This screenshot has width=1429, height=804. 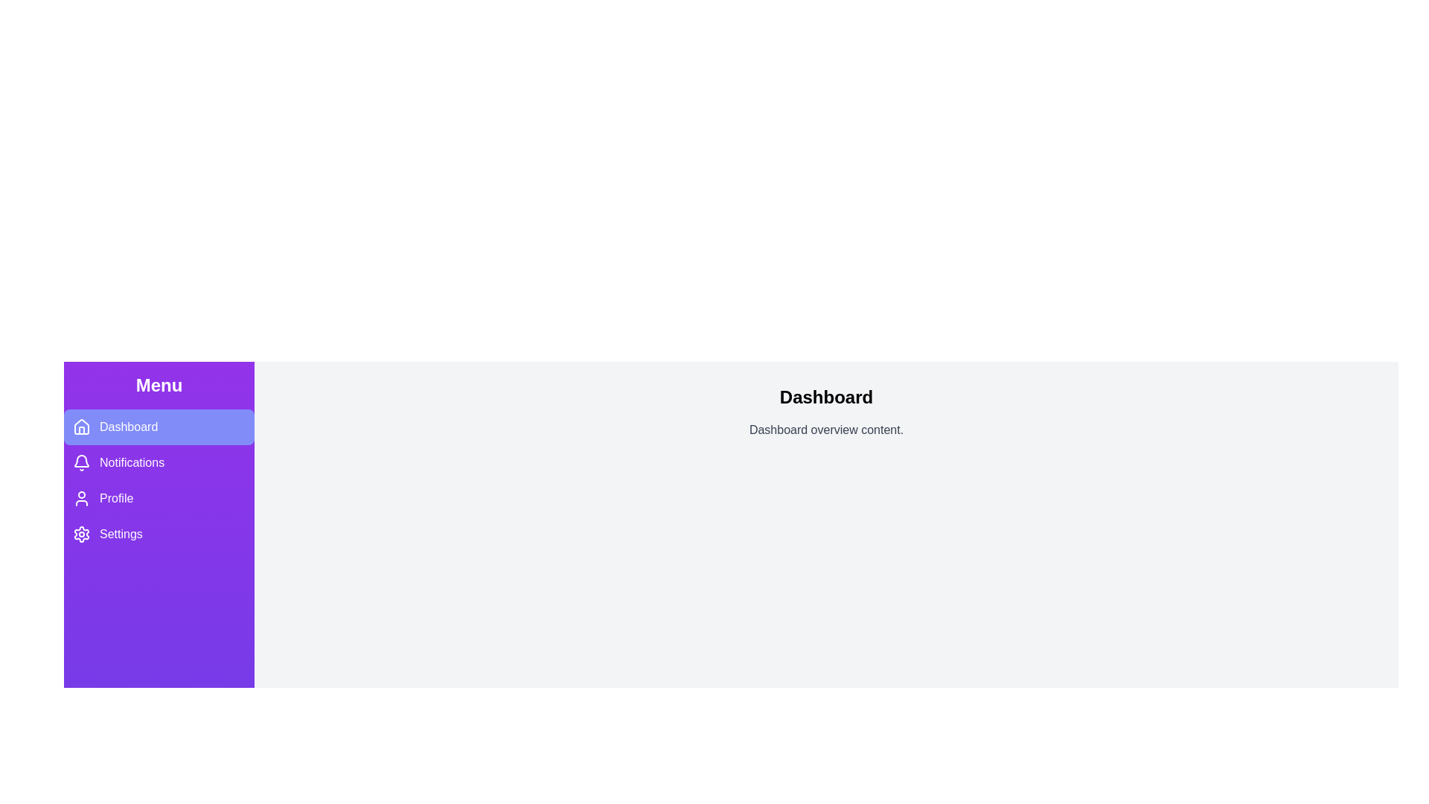 What do you see at coordinates (132, 462) in the screenshot?
I see `text of the Notifications label, which is the second item in the sidebar menu, positioned below the Dashboard menu item and above the Profile menu item` at bounding box center [132, 462].